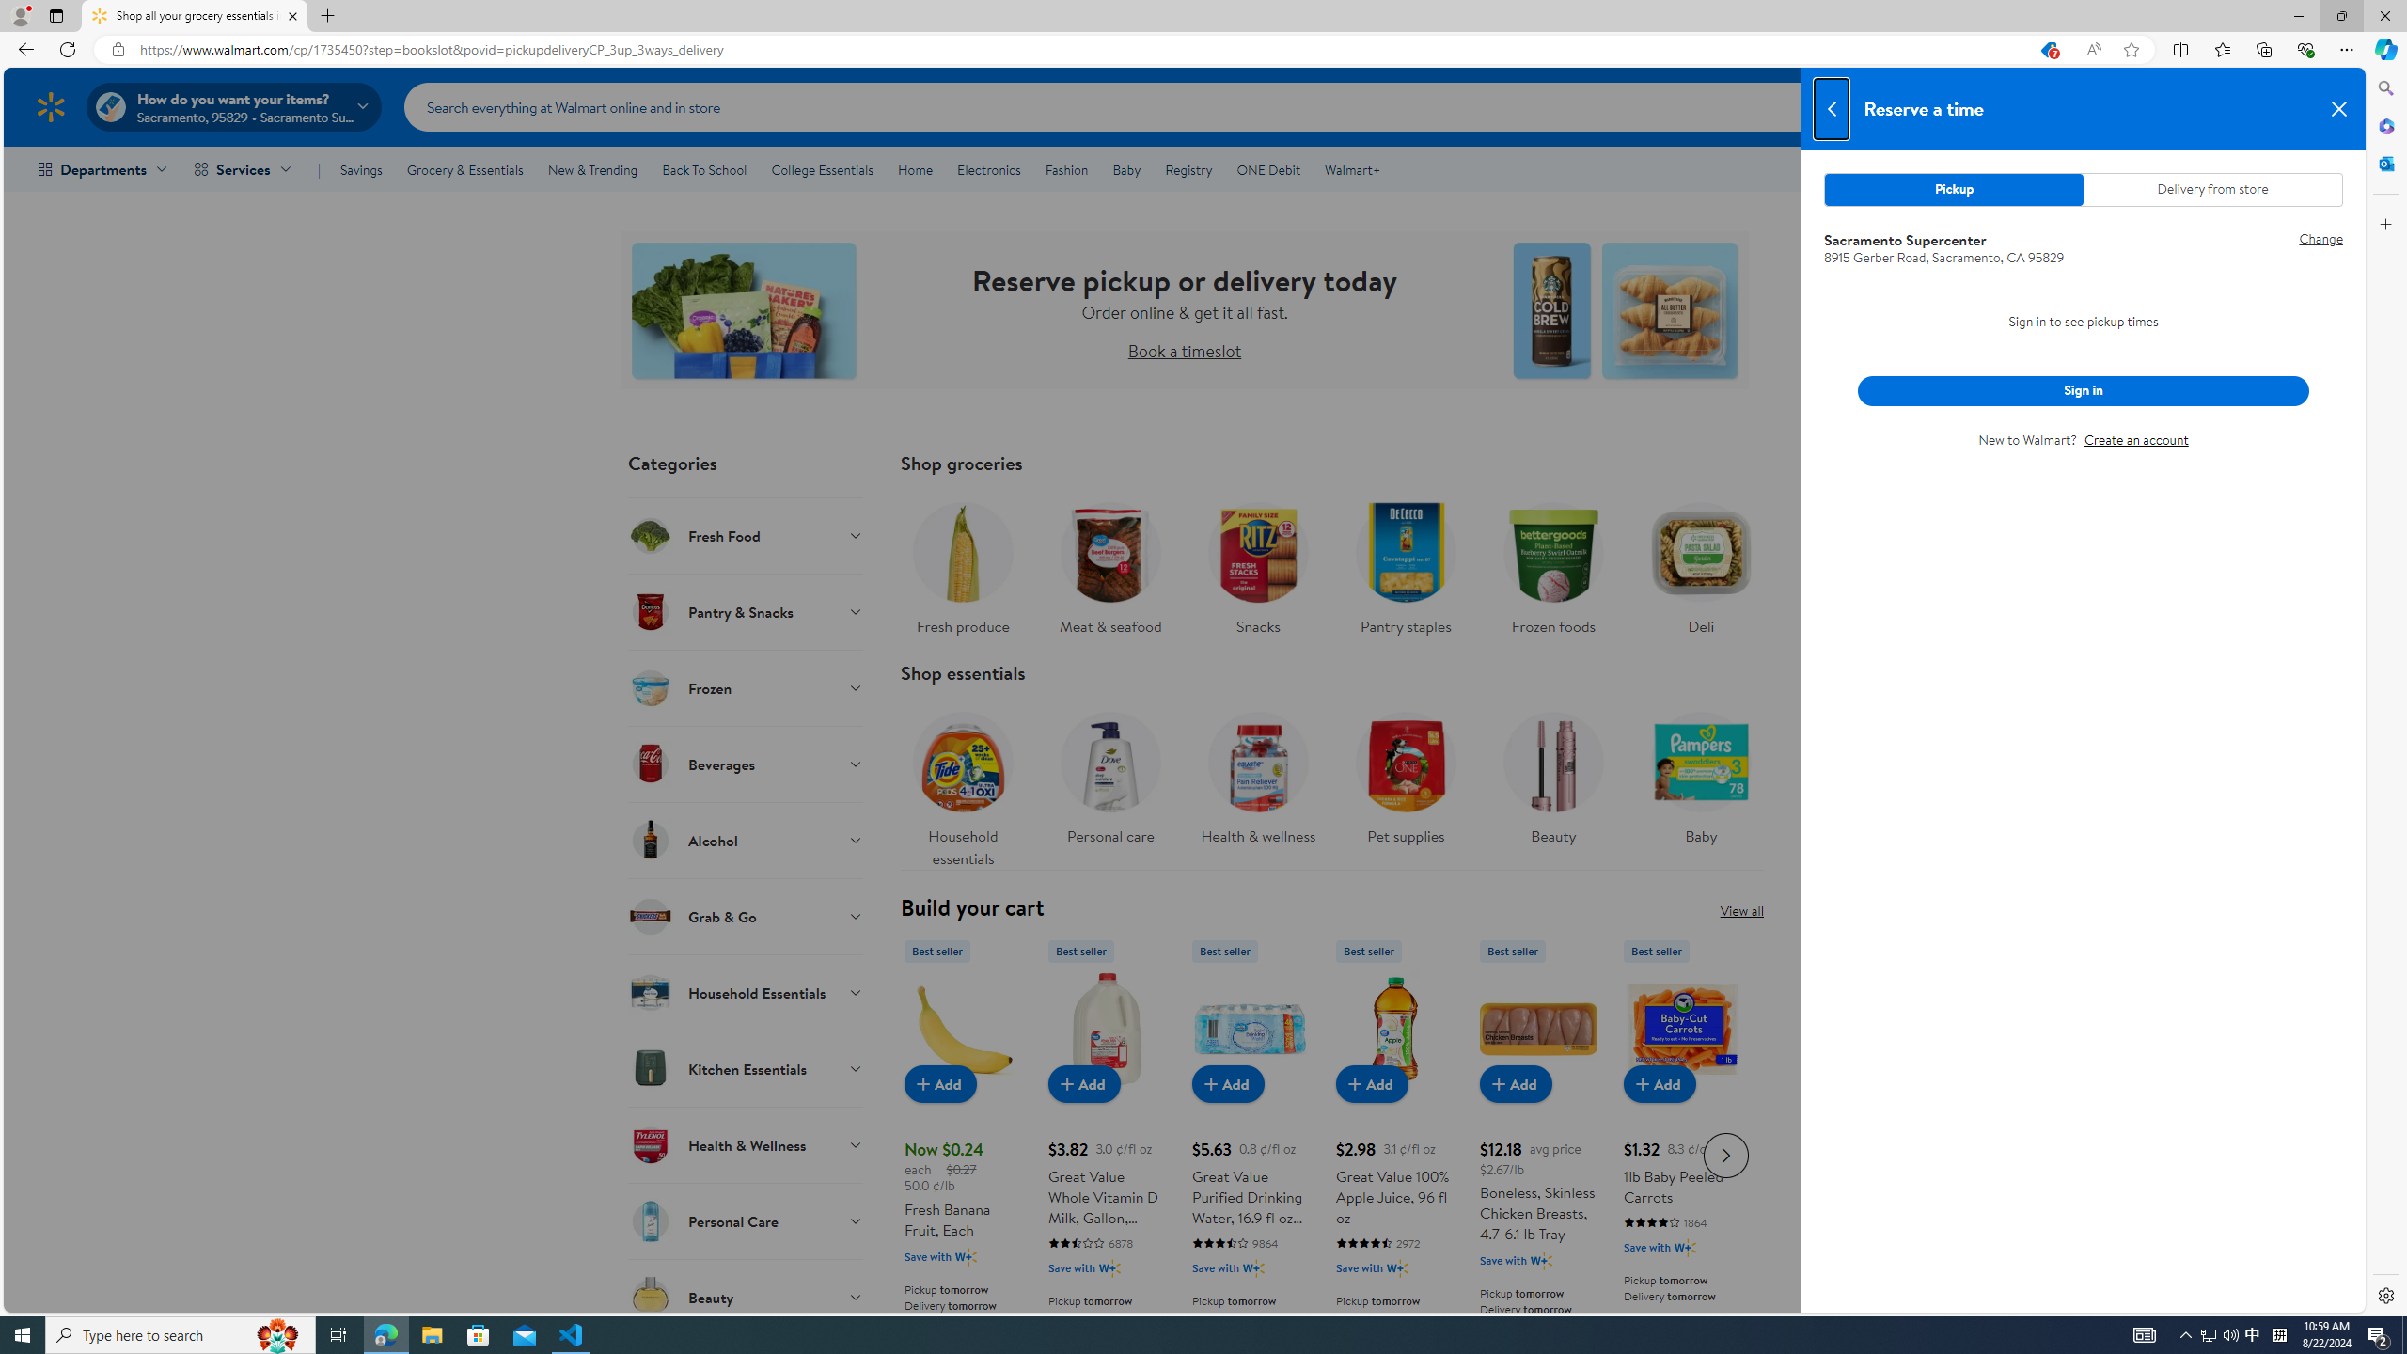 The width and height of the screenshot is (2407, 1354). Describe the element at coordinates (195, 15) in the screenshot. I see `'Shop all your grocery essentials in one place! - Walmart.com'` at that location.